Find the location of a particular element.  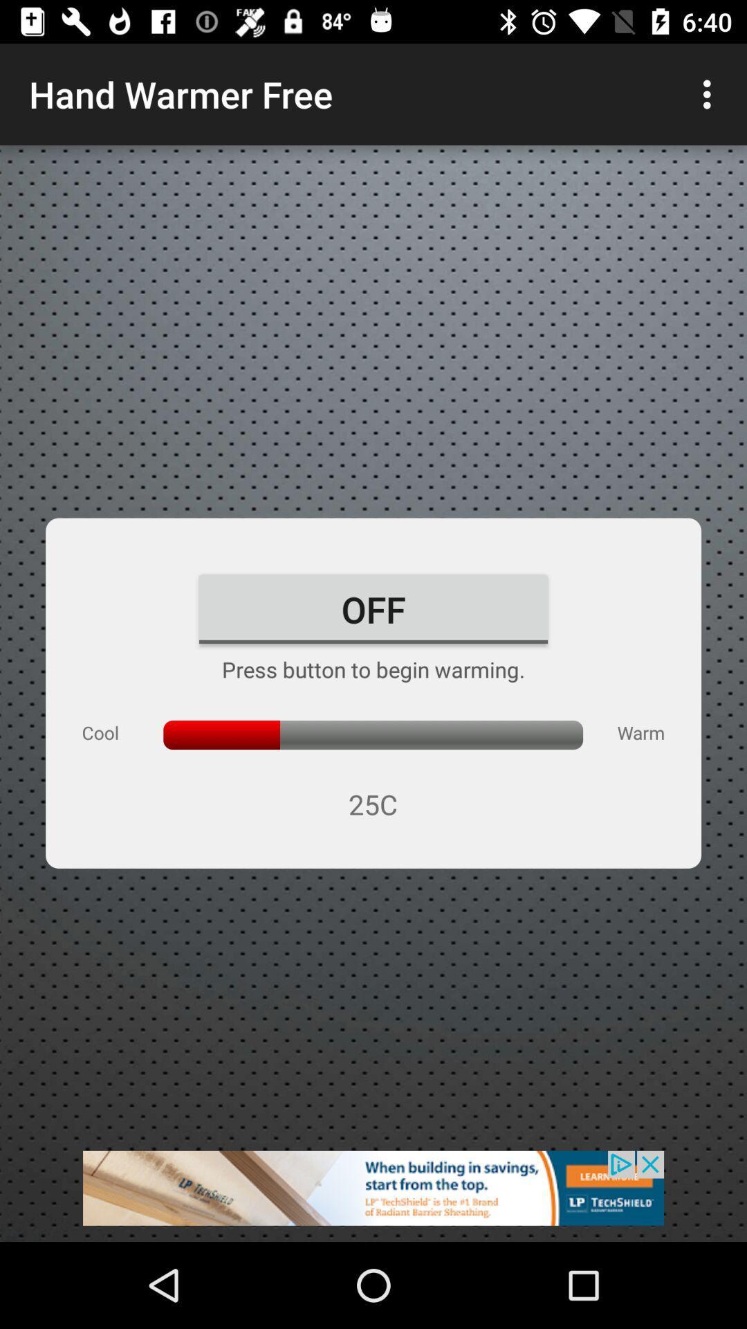

click on the banner is located at coordinates (373, 1195).